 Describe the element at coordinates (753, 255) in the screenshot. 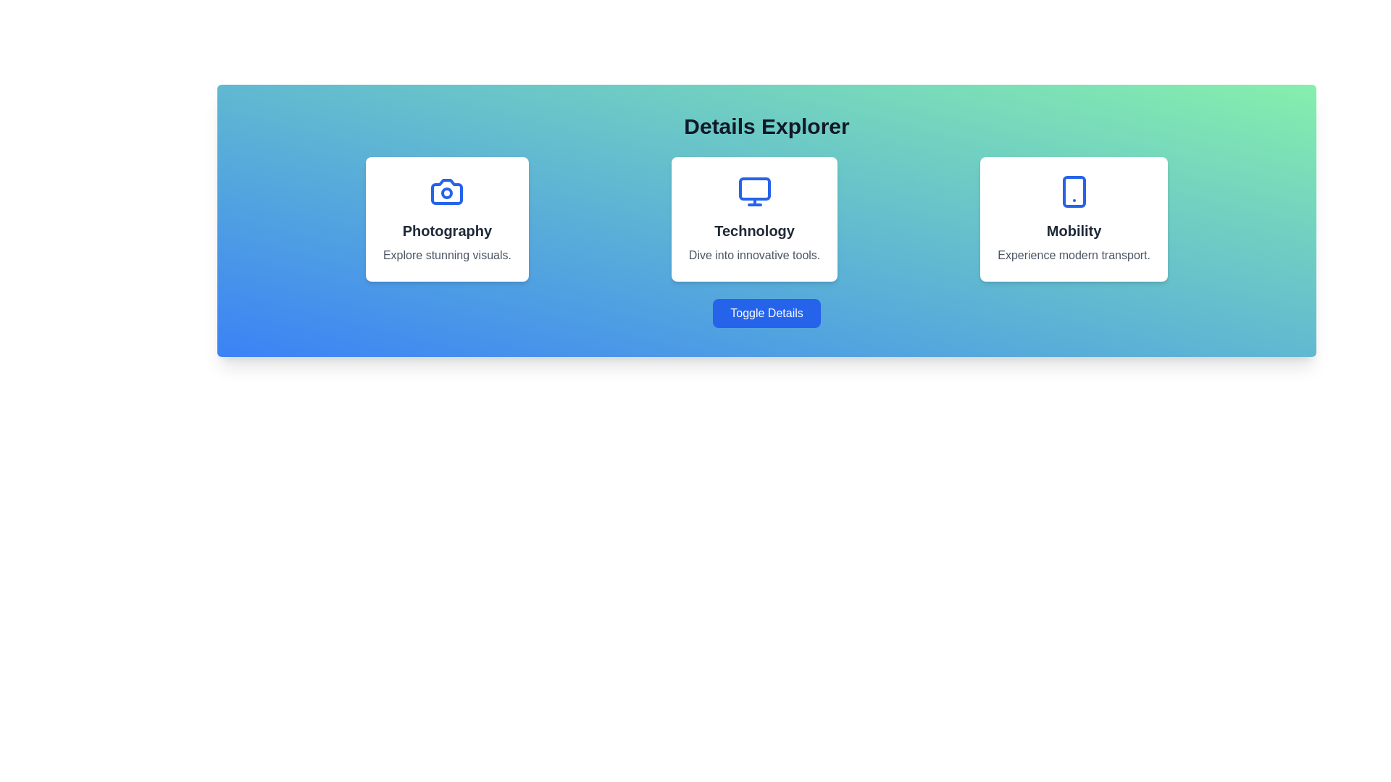

I see `the content of the descriptive text label displaying 'Dive into innovative tools.' located below the heading 'Technology' in the center card of a three-card arrangement` at that location.